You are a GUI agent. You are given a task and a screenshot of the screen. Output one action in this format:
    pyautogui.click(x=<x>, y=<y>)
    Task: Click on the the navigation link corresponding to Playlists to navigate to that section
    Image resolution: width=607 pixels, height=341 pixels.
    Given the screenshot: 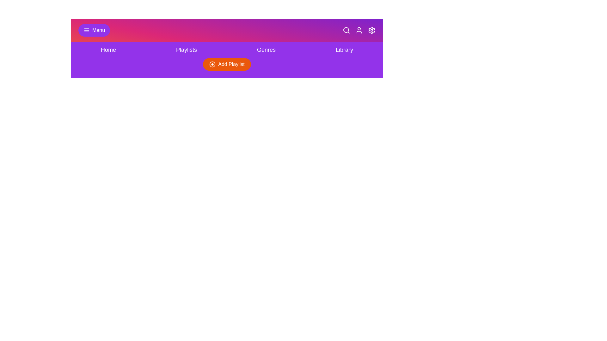 What is the action you would take?
    pyautogui.click(x=186, y=50)
    